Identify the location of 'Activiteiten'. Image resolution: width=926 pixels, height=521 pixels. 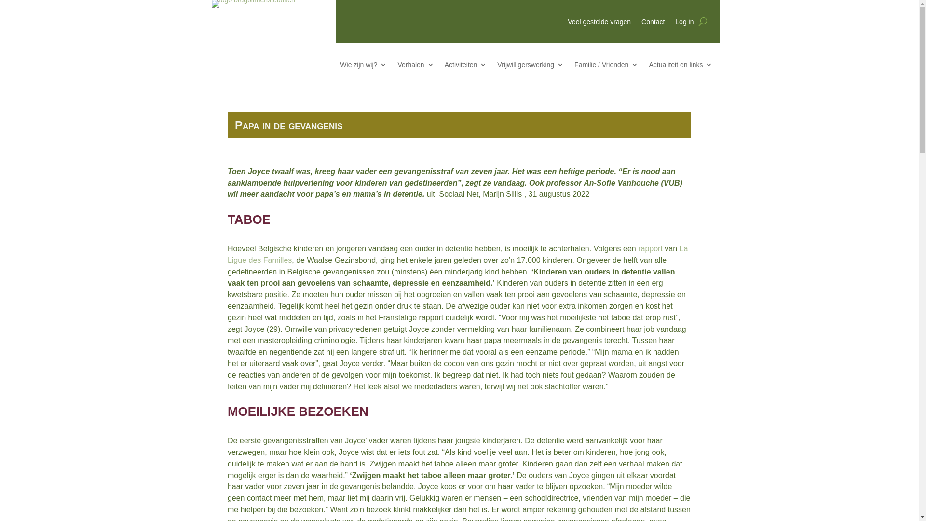
(465, 66).